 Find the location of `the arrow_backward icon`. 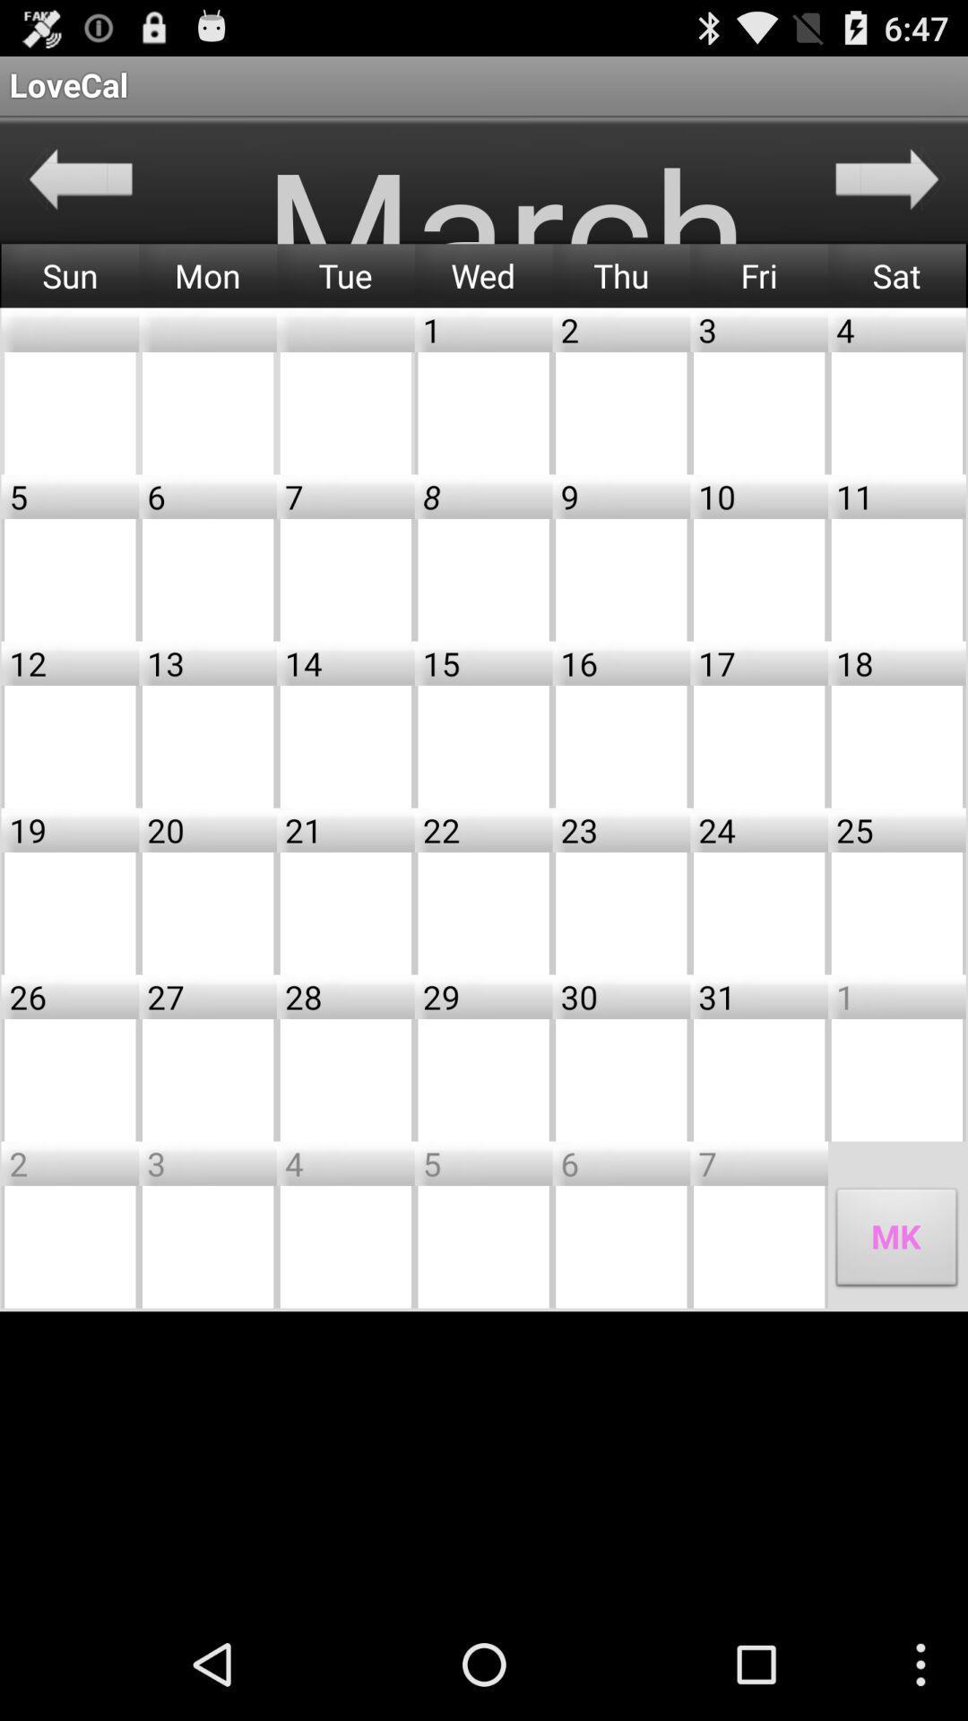

the arrow_backward icon is located at coordinates (79, 192).